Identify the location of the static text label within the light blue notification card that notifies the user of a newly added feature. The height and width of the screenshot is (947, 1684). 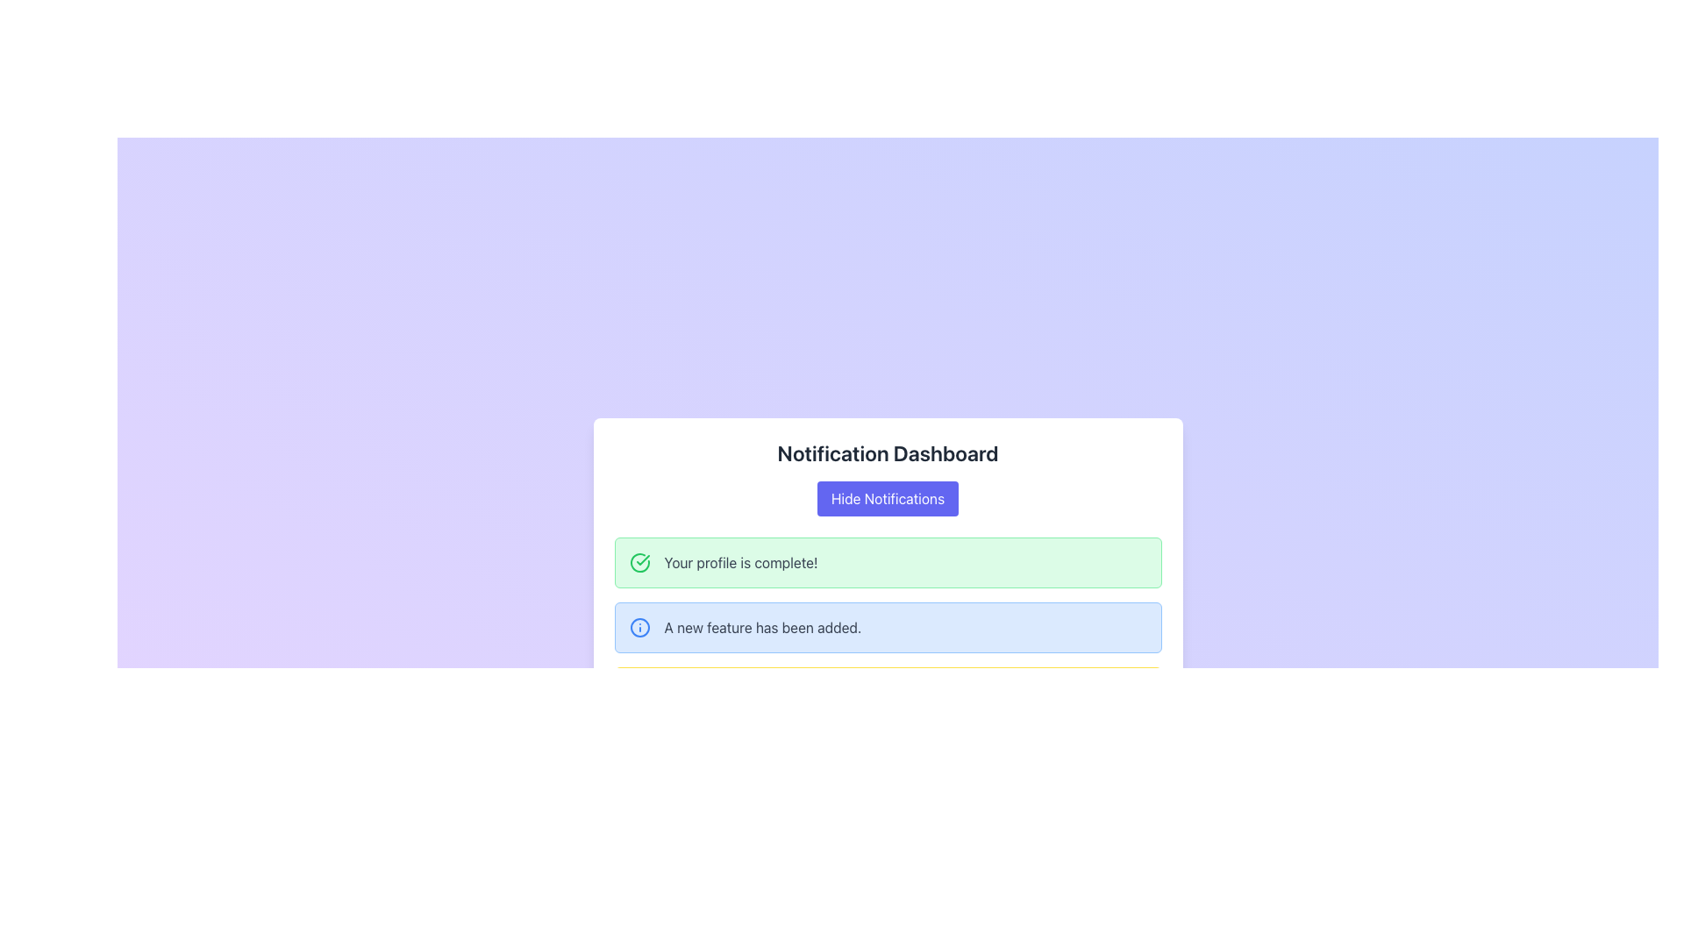
(762, 627).